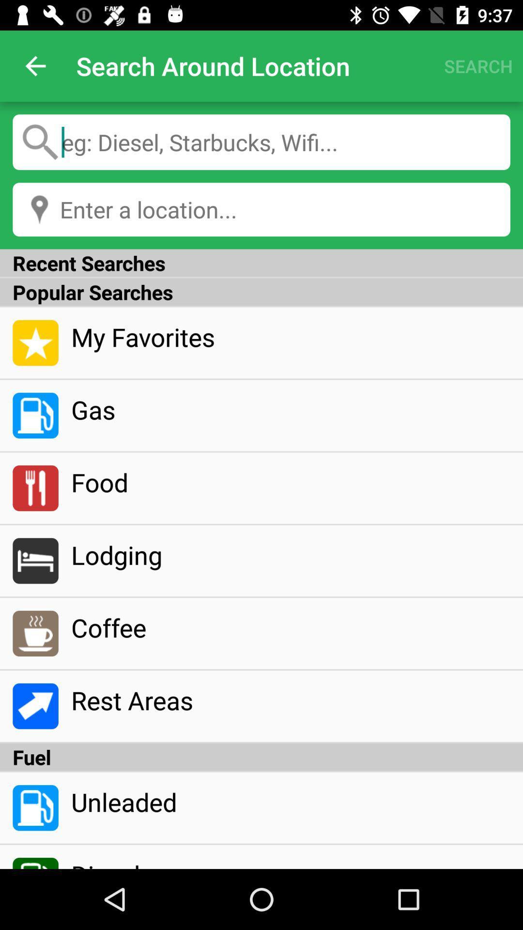  What do you see at coordinates (290, 700) in the screenshot?
I see `item below coffee` at bounding box center [290, 700].